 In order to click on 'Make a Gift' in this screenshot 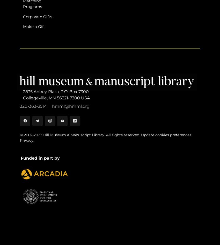, I will do `click(34, 26)`.